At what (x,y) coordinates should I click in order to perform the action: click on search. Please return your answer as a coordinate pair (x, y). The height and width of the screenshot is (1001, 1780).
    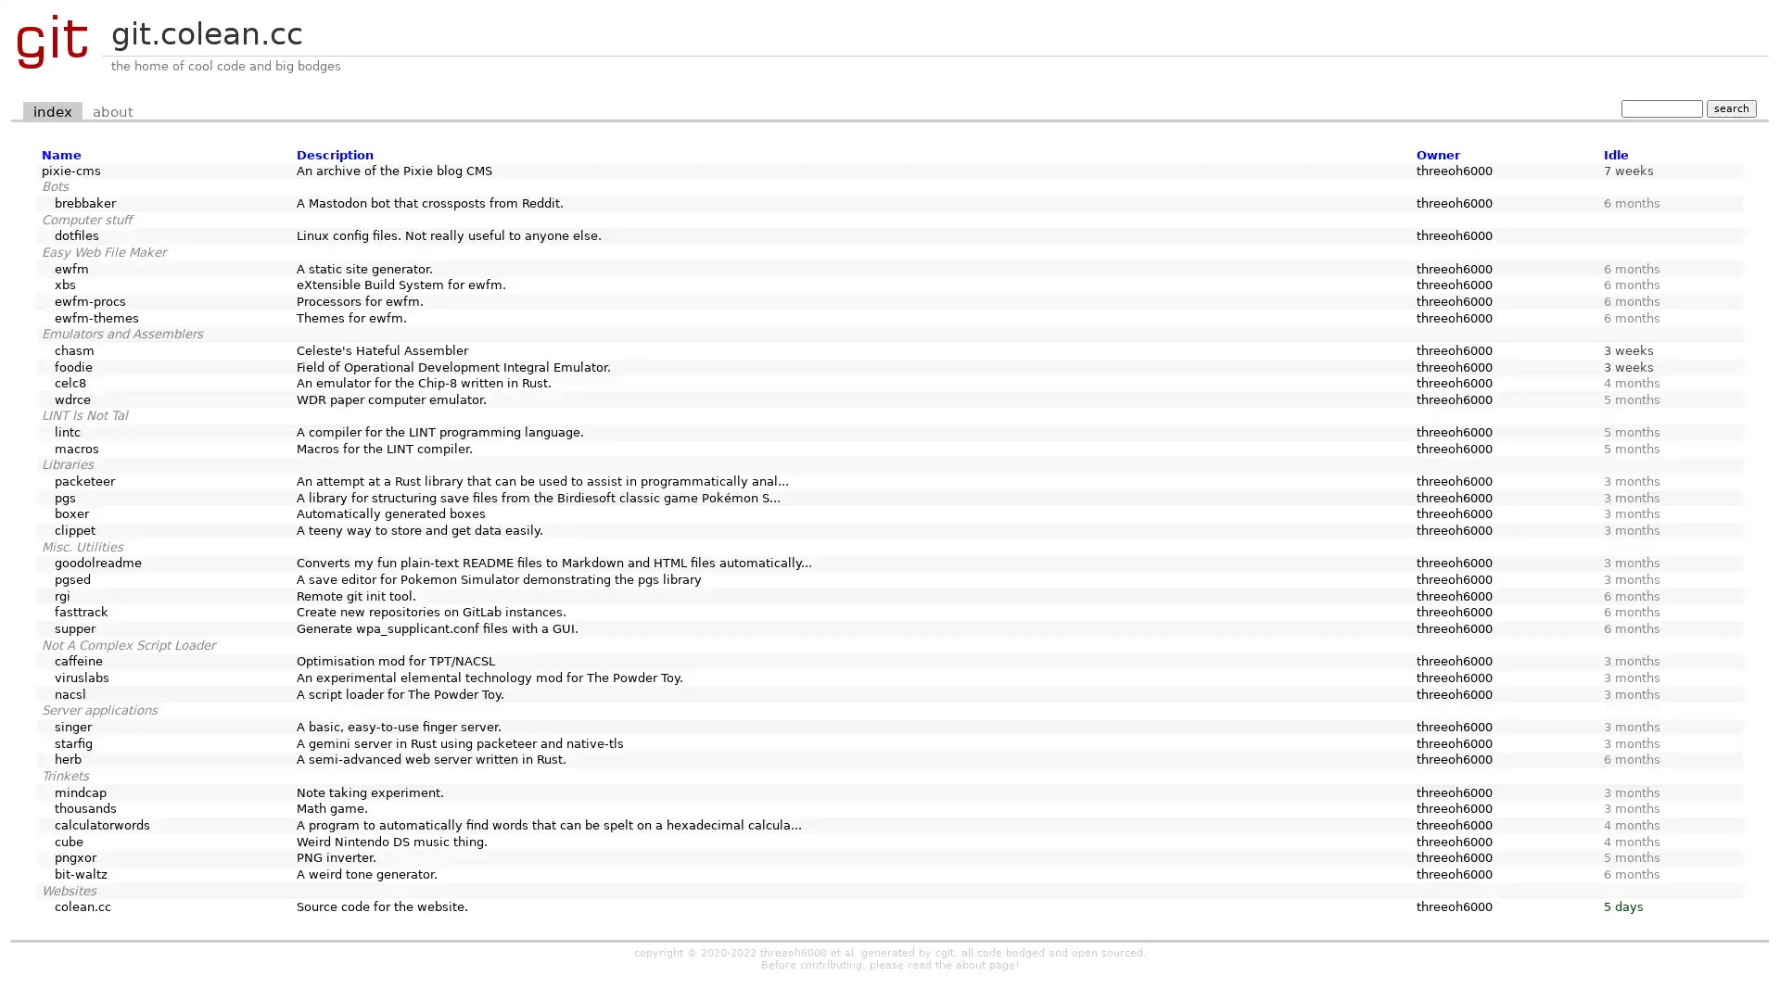
    Looking at the image, I should click on (1730, 108).